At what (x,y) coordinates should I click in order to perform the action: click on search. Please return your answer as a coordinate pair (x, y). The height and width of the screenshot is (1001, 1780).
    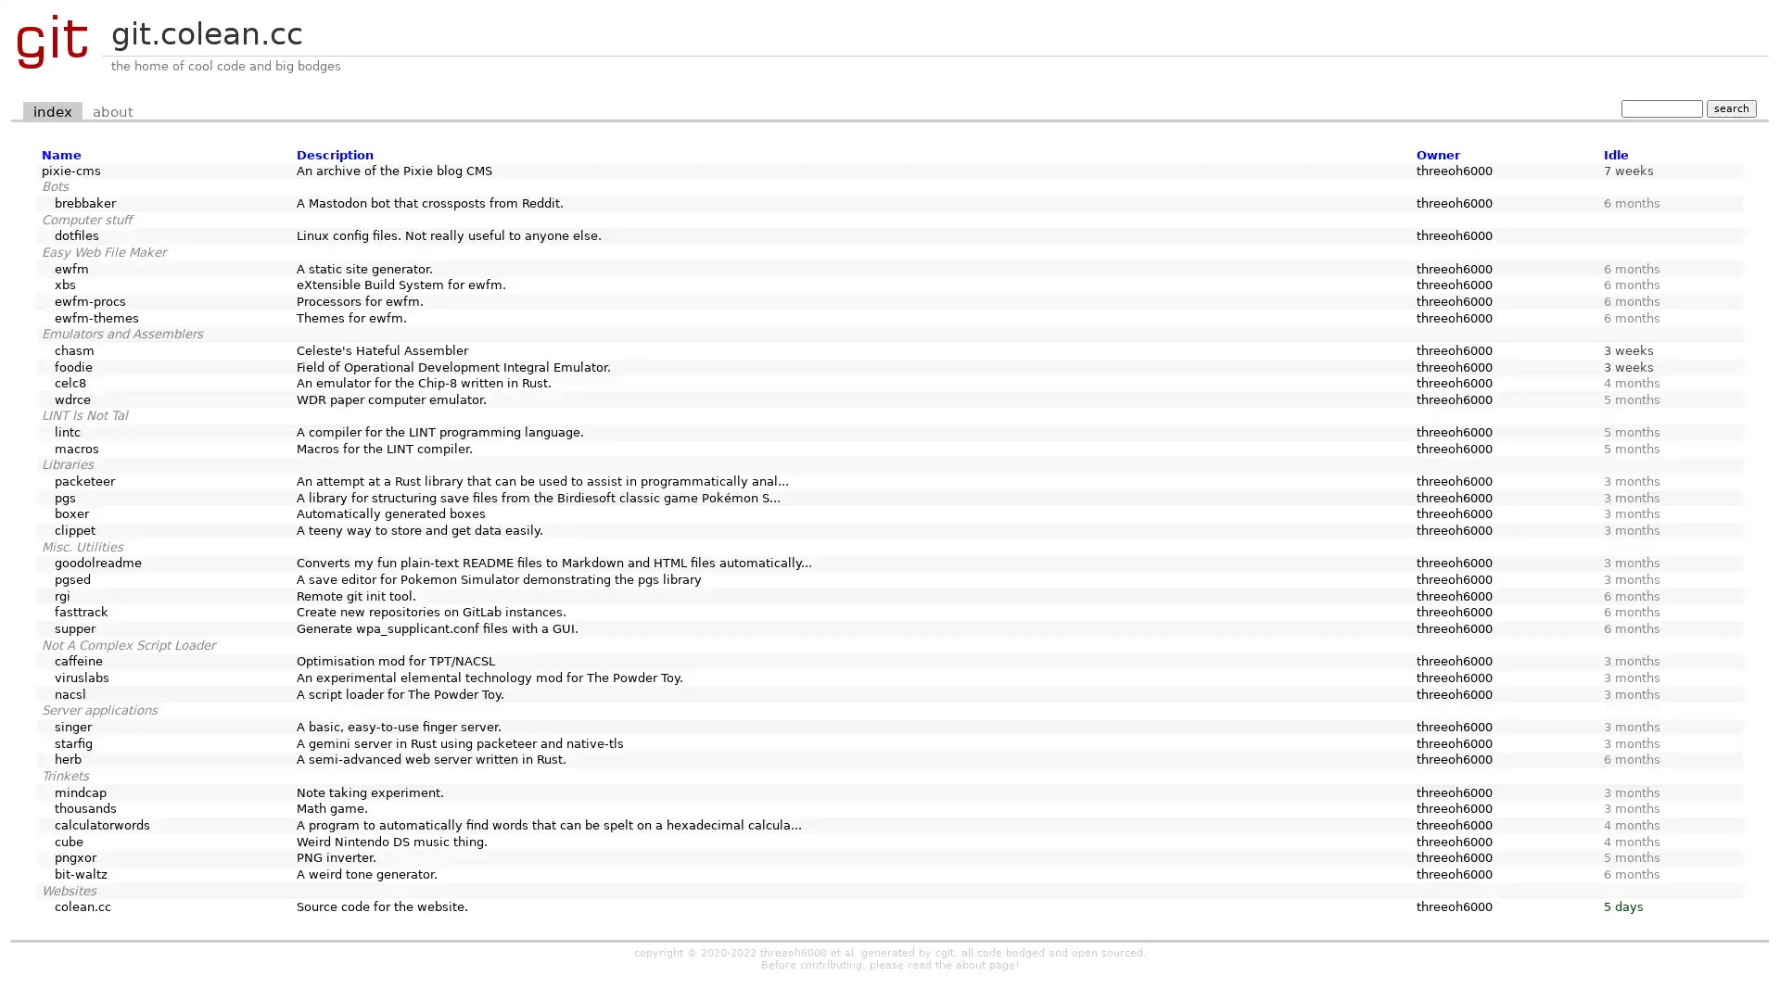
    Looking at the image, I should click on (1730, 108).